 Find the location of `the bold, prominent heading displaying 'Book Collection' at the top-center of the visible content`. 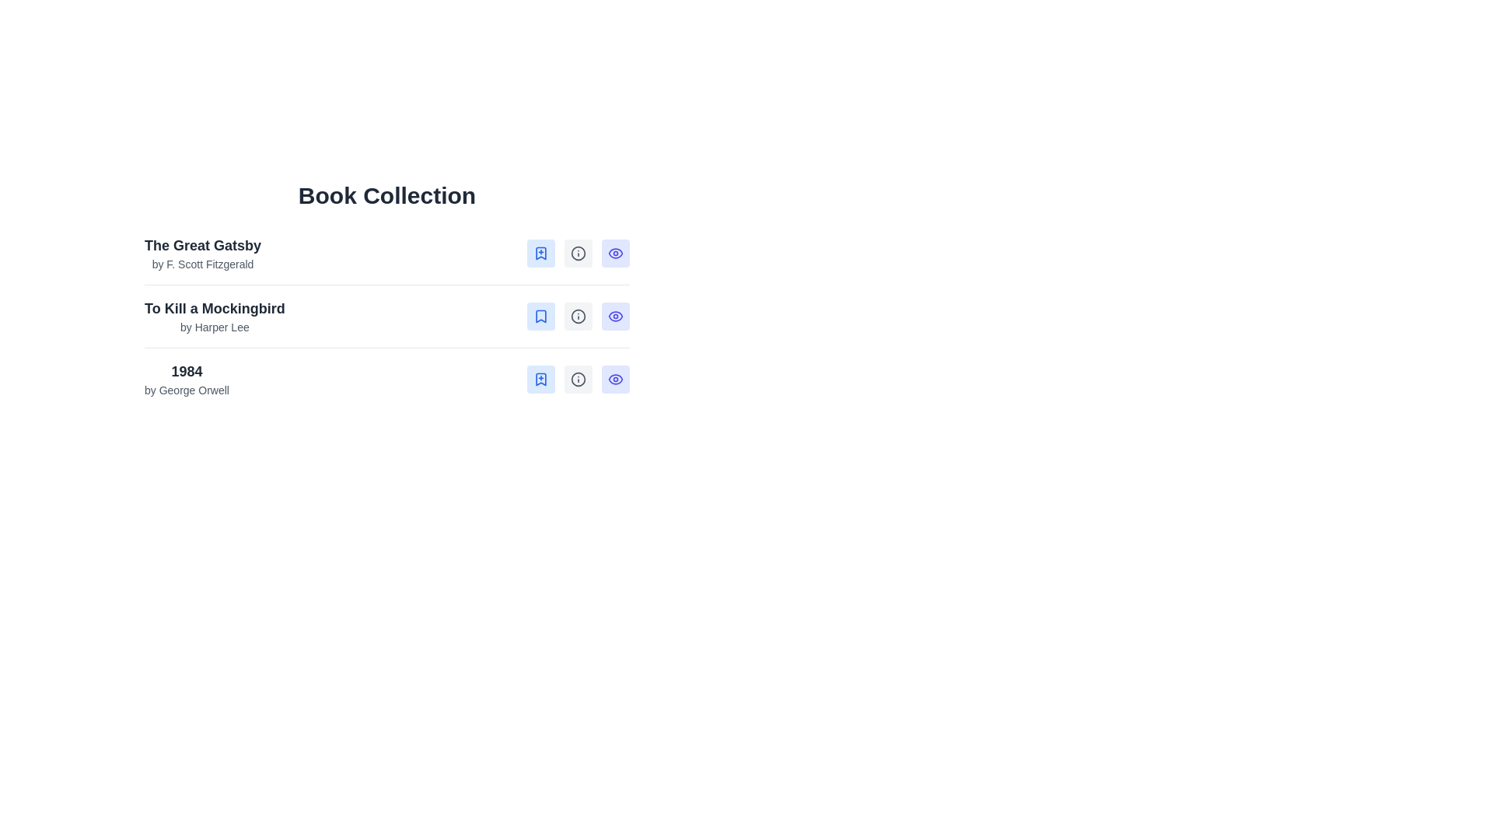

the bold, prominent heading displaying 'Book Collection' at the top-center of the visible content is located at coordinates (387, 194).